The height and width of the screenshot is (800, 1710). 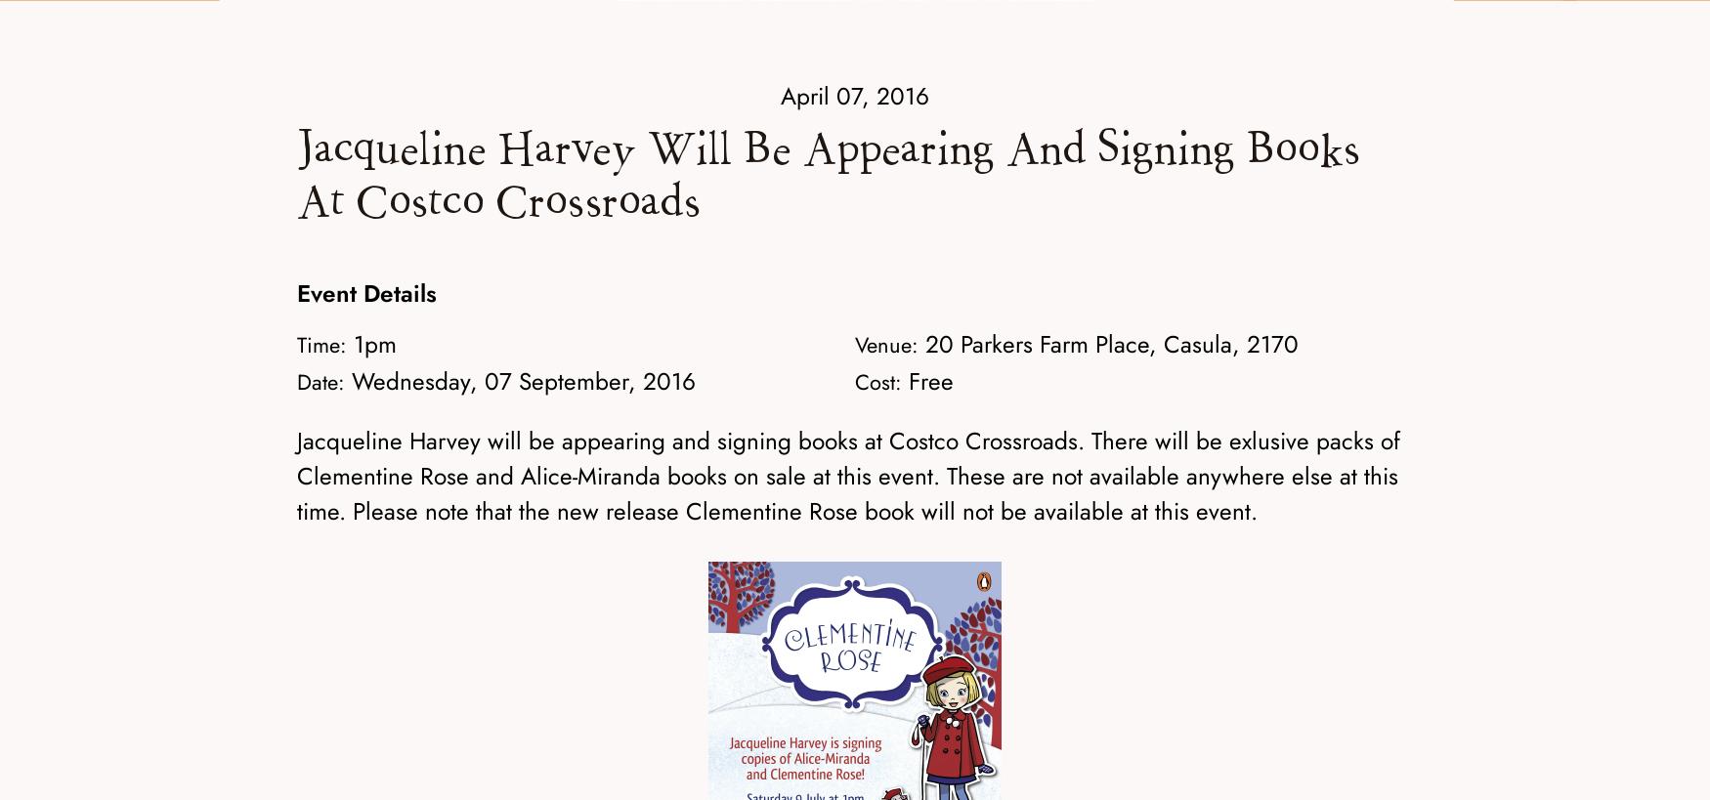 What do you see at coordinates (320, 380) in the screenshot?
I see `'Date:'` at bounding box center [320, 380].